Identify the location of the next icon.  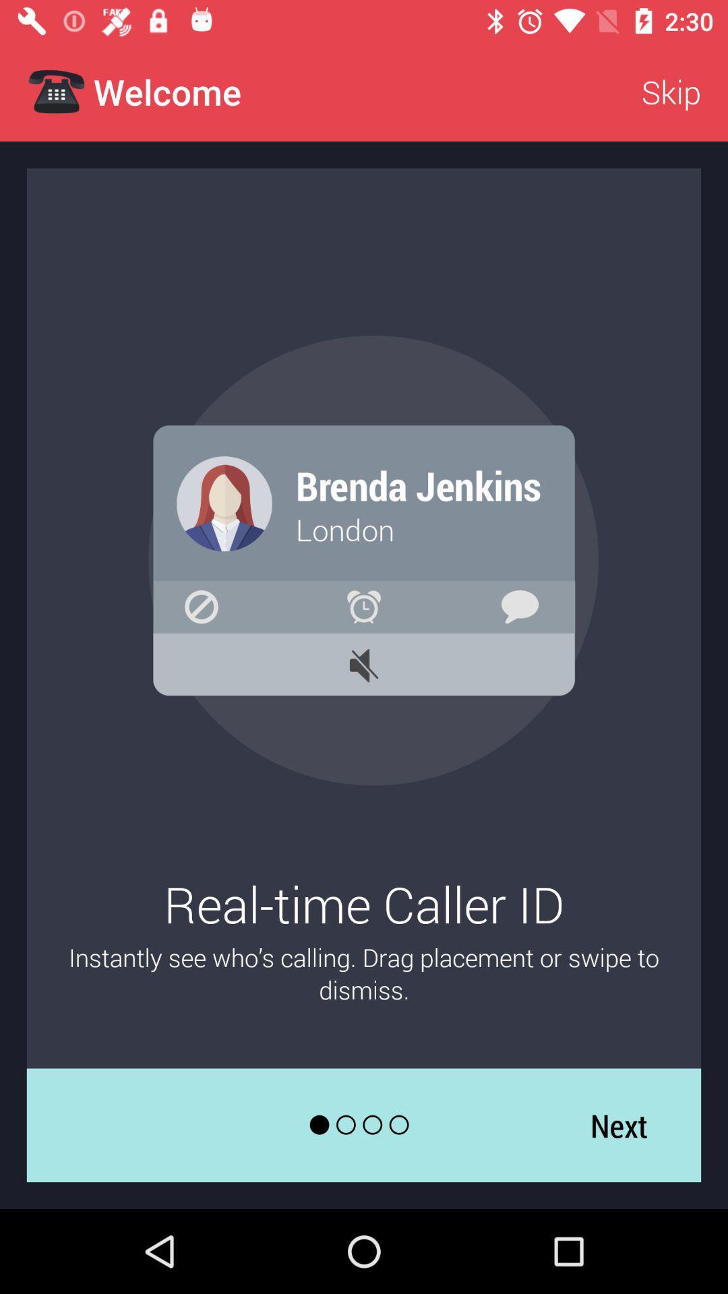
(619, 1125).